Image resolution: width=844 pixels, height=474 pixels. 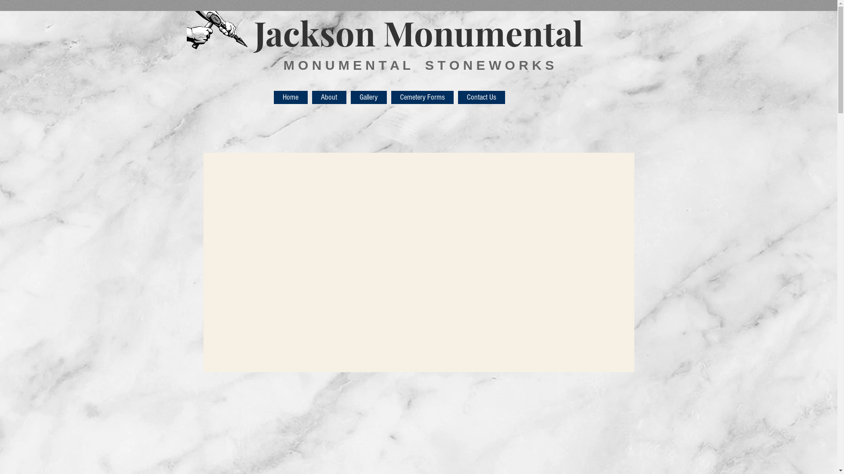 What do you see at coordinates (369, 97) in the screenshot?
I see `'Gallery'` at bounding box center [369, 97].